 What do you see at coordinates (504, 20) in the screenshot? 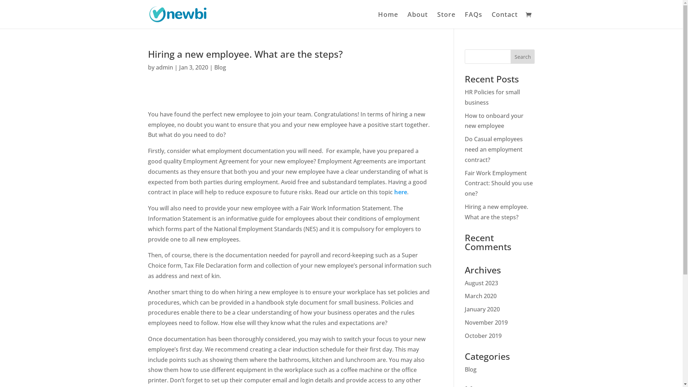
I see `'Contact'` at bounding box center [504, 20].